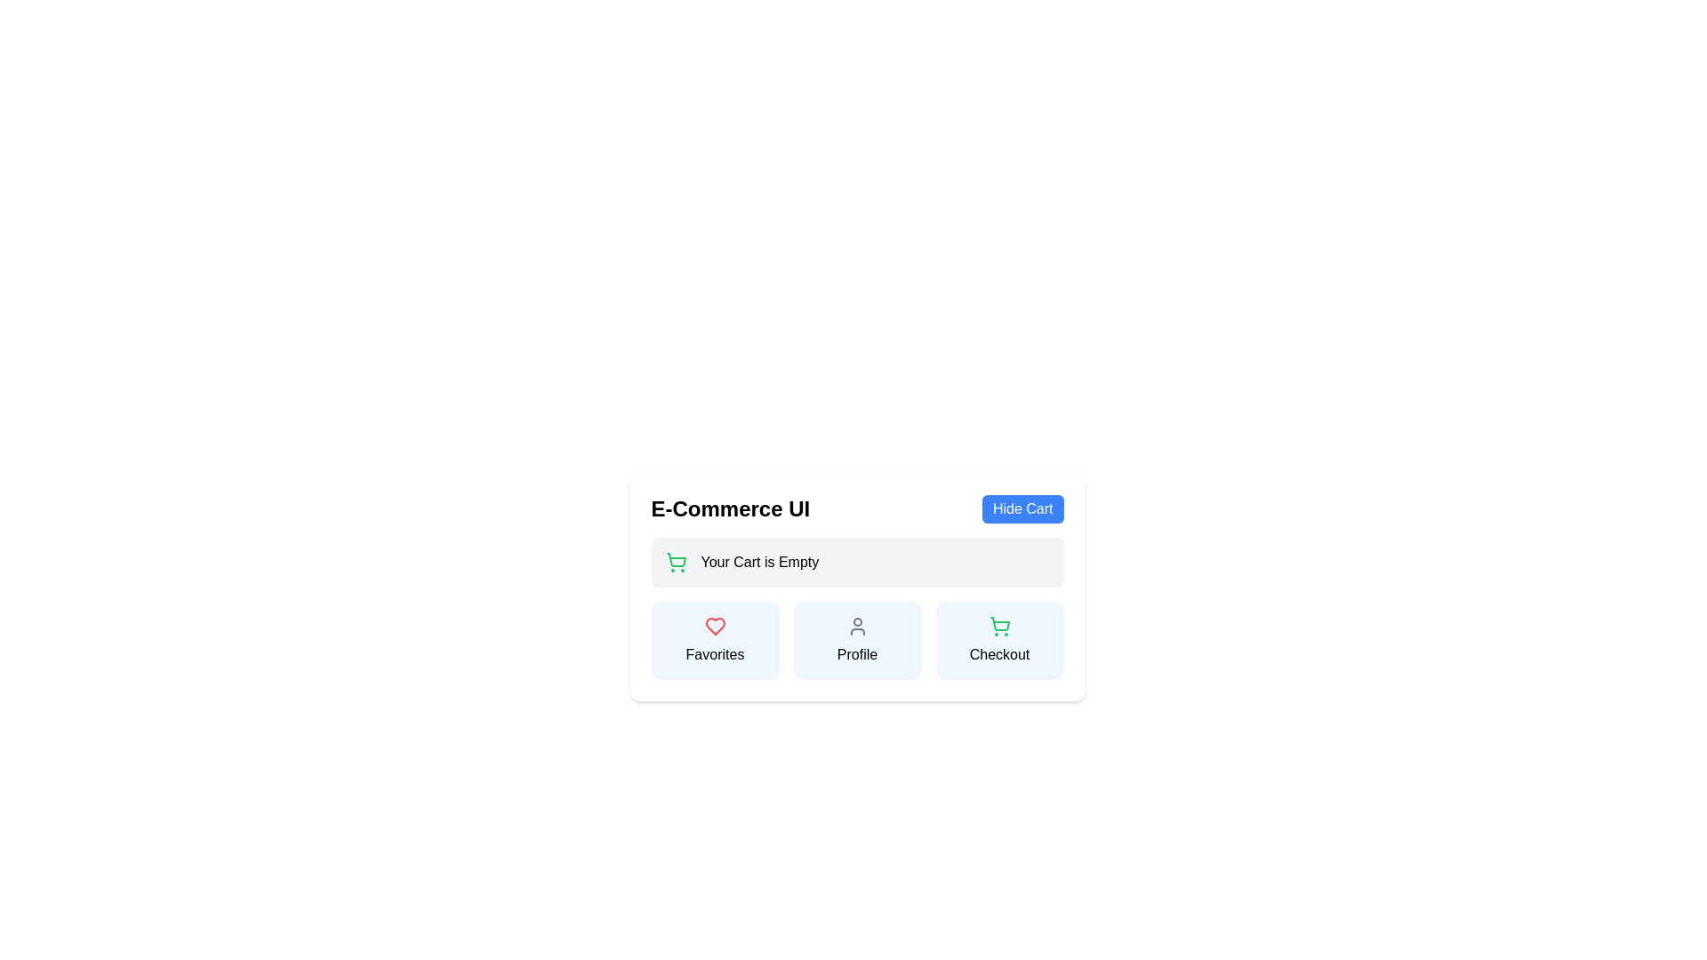 The width and height of the screenshot is (1707, 960). Describe the element at coordinates (857, 641) in the screenshot. I see `the user profile button` at that location.